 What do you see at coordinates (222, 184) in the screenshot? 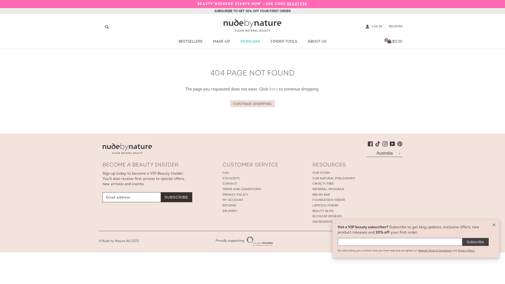
I see `'CONTACT'` at bounding box center [222, 184].